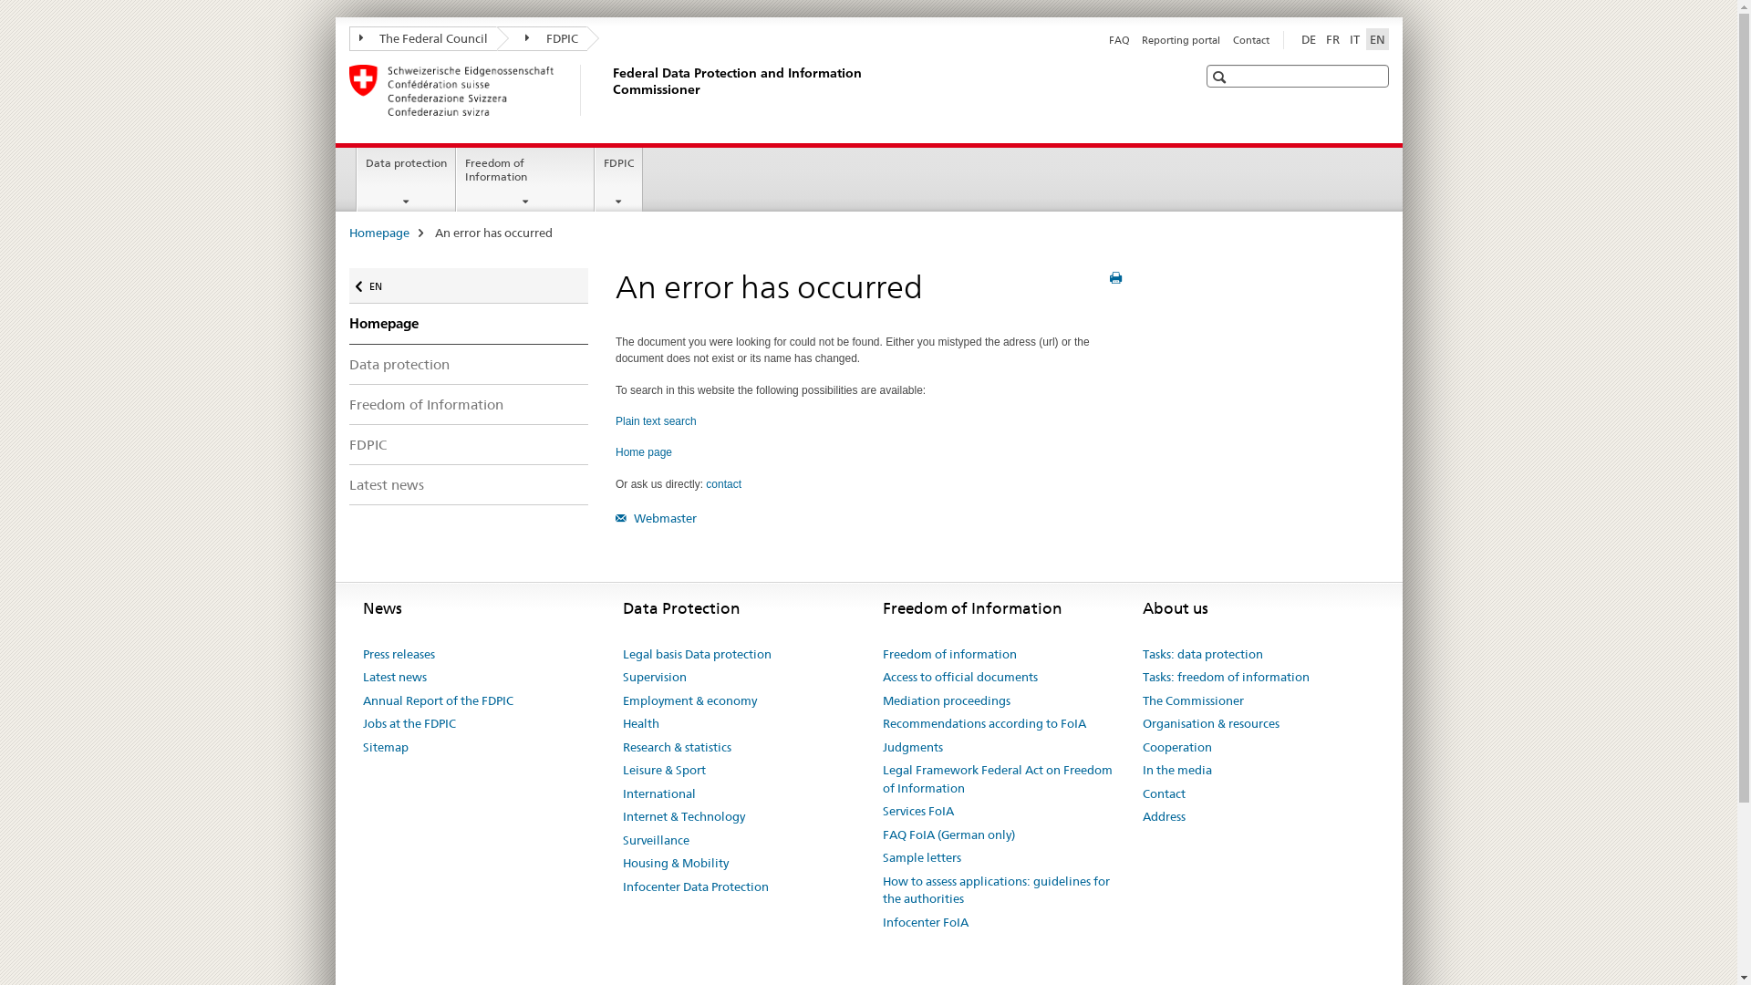  I want to click on 'Access to official documents', so click(958, 678).